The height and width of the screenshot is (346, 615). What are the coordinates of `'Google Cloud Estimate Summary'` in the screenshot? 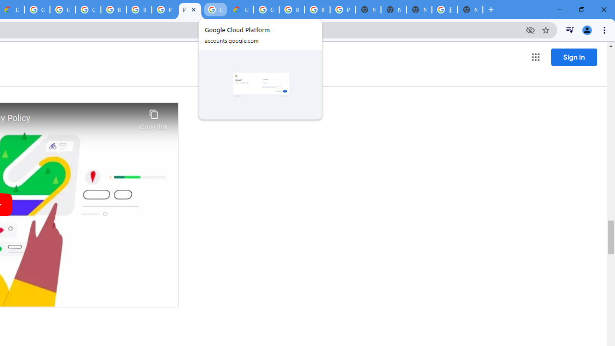 It's located at (241, 10).